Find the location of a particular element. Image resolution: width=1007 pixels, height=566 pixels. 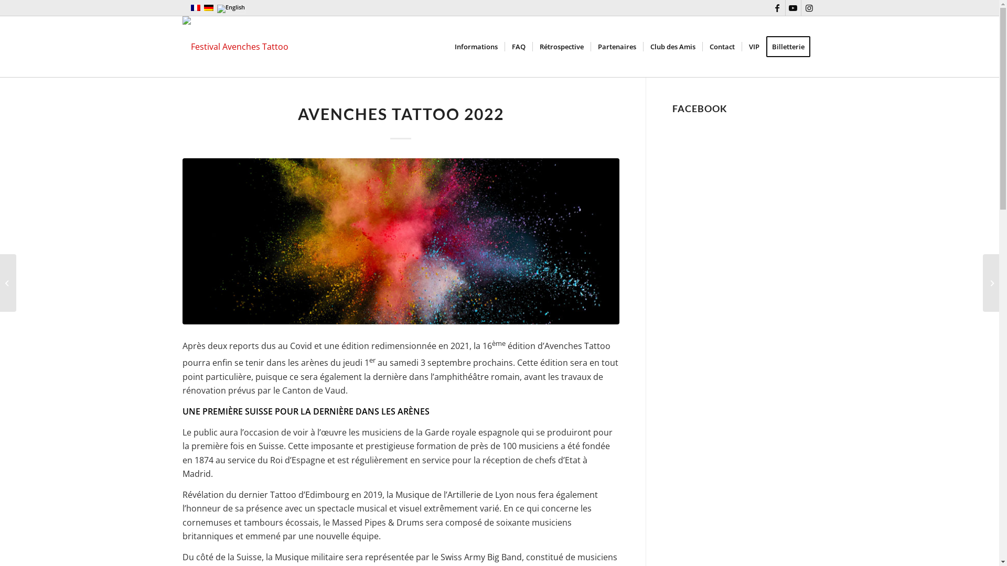

'Contact' is located at coordinates (721, 46).